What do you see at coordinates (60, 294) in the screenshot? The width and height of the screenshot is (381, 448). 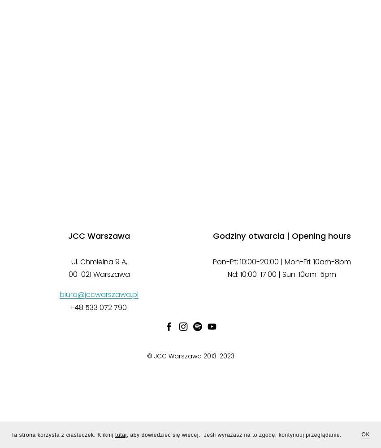 I see `'biuro@jccwarszawa.pl'` at bounding box center [60, 294].